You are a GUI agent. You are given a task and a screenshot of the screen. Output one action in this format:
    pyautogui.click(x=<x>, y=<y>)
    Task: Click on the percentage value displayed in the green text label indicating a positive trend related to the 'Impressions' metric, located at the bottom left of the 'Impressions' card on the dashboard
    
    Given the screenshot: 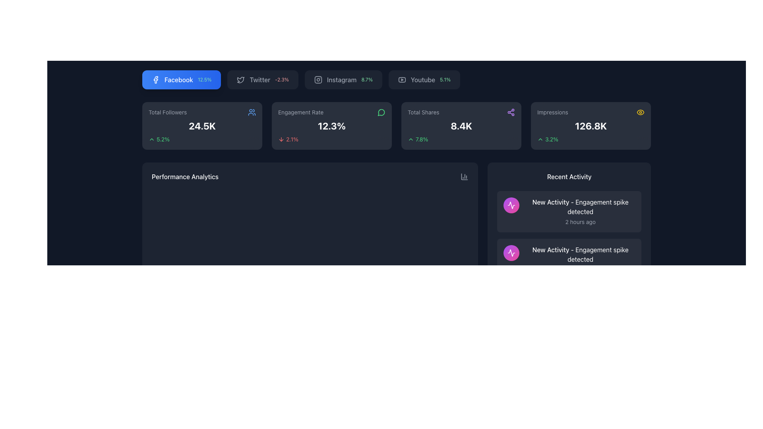 What is the action you would take?
    pyautogui.click(x=551, y=139)
    